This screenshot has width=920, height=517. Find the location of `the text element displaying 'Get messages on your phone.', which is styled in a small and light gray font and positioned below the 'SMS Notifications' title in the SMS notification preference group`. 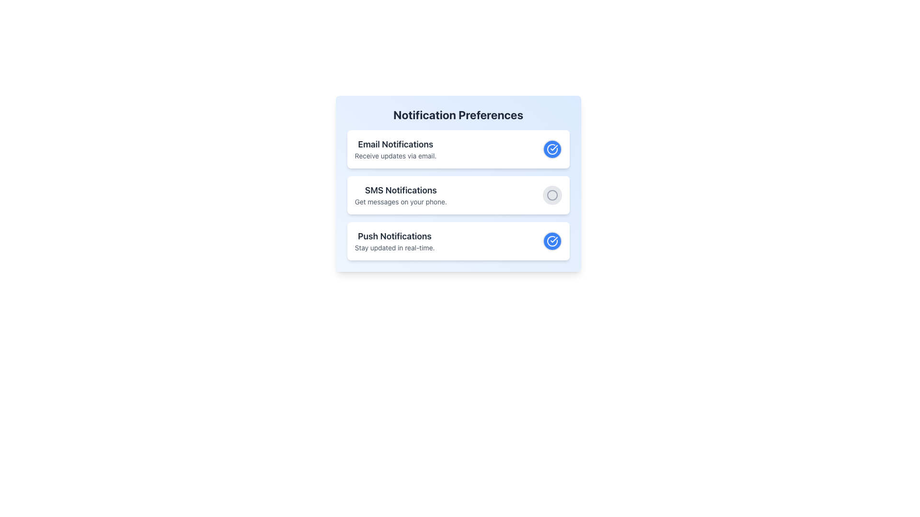

the text element displaying 'Get messages on your phone.', which is styled in a small and light gray font and positioned below the 'SMS Notifications' title in the SMS notification preference group is located at coordinates (401, 201).